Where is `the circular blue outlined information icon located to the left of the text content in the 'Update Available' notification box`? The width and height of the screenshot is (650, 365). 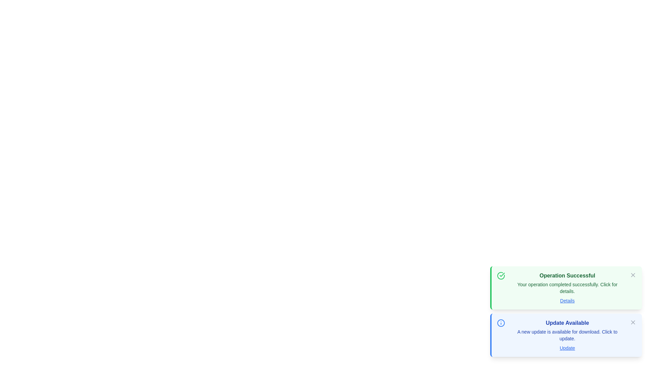
the circular blue outlined information icon located to the left of the text content in the 'Update Available' notification box is located at coordinates (501, 323).